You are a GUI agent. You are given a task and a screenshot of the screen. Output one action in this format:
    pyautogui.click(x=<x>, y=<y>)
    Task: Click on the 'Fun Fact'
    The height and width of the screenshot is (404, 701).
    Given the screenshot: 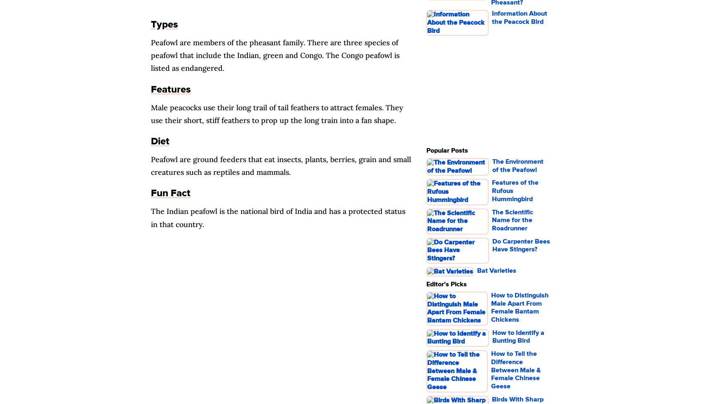 What is the action you would take?
    pyautogui.click(x=170, y=193)
    